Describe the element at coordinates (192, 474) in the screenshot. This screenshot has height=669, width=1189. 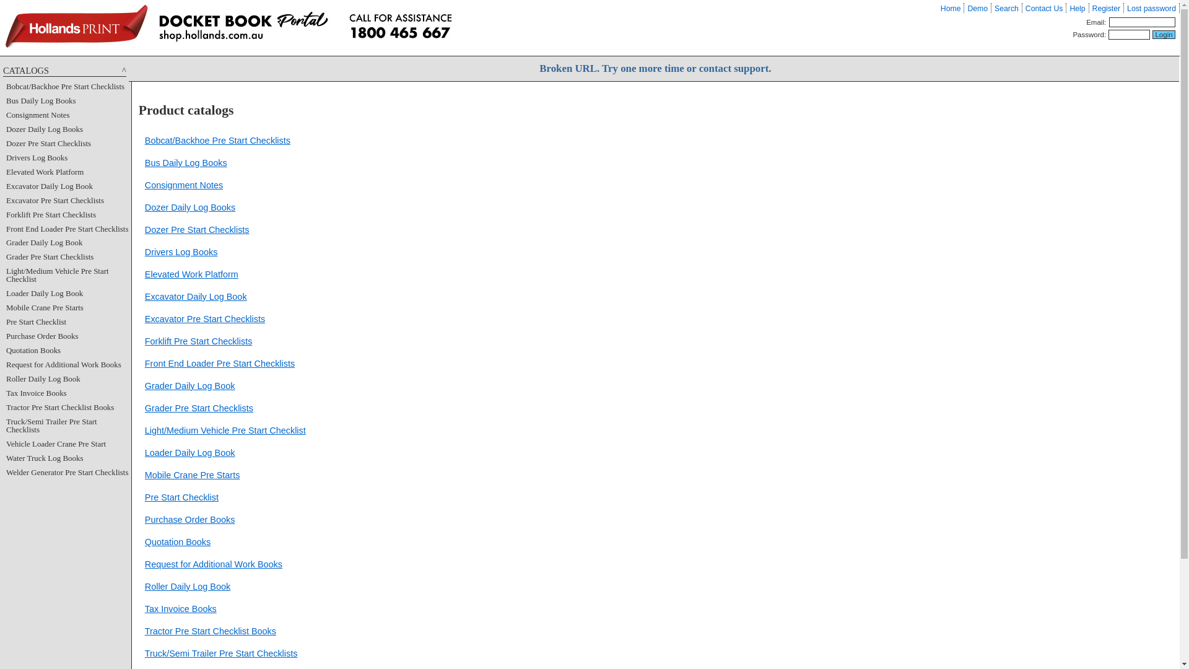
I see `'Mobile Crane Pre Starts'` at that location.